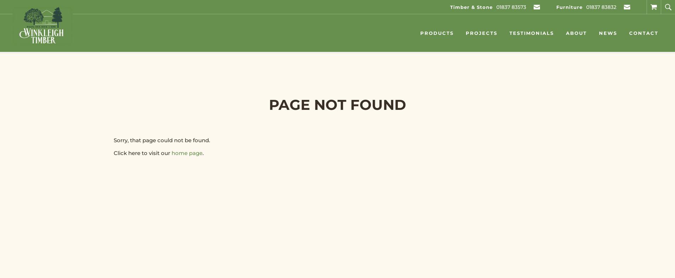 This screenshot has height=278, width=675. I want to click on 'About', so click(576, 33).